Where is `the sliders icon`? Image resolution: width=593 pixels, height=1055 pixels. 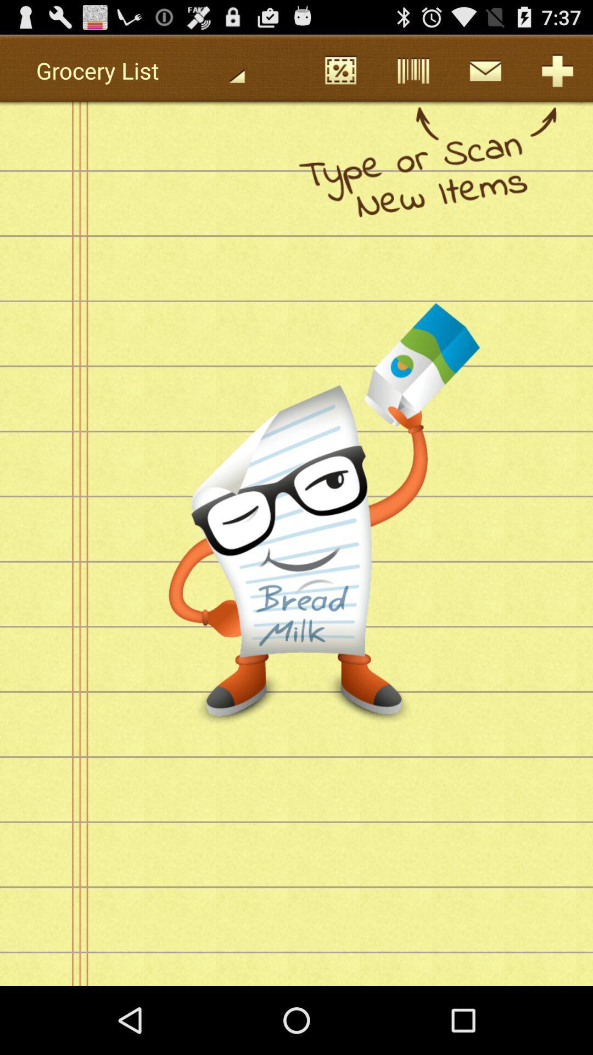
the sliders icon is located at coordinates (412, 75).